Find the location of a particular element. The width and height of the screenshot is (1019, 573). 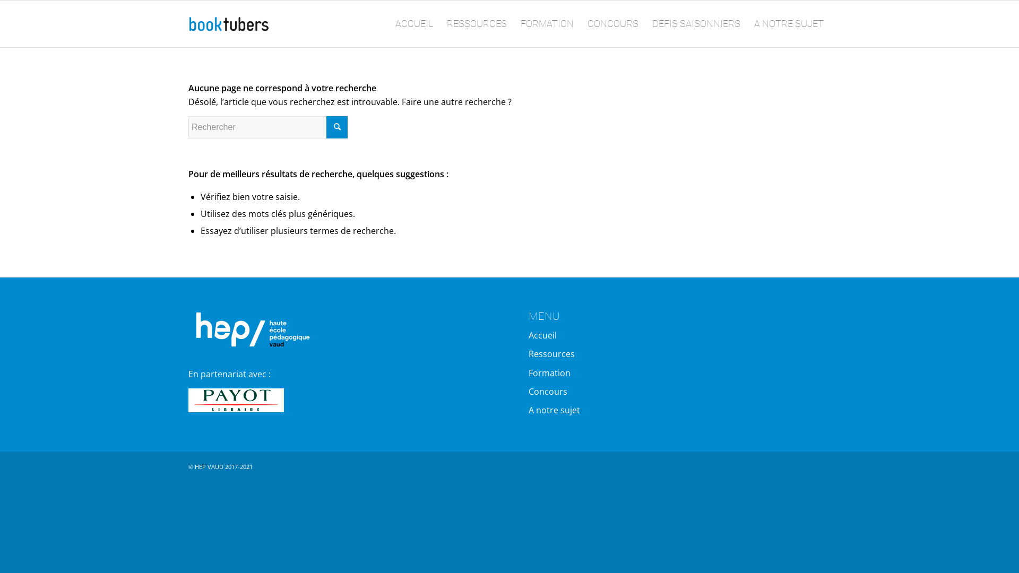

'booktubers_logo_couleur' is located at coordinates (229, 24).